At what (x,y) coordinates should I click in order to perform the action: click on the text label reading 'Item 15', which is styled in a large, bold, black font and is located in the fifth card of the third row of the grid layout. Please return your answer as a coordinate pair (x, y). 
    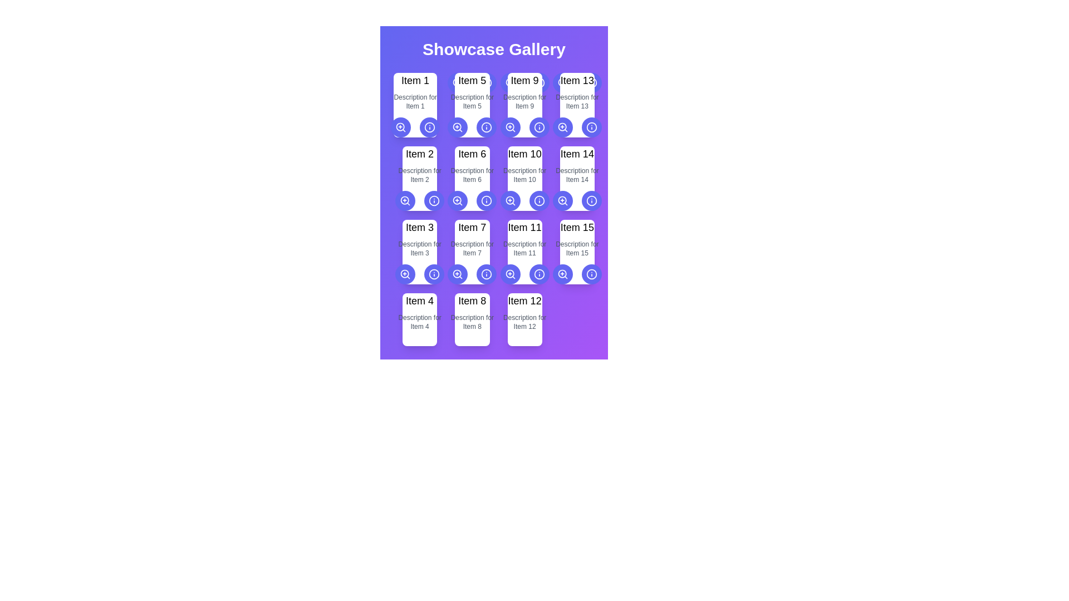
    Looking at the image, I should click on (577, 226).